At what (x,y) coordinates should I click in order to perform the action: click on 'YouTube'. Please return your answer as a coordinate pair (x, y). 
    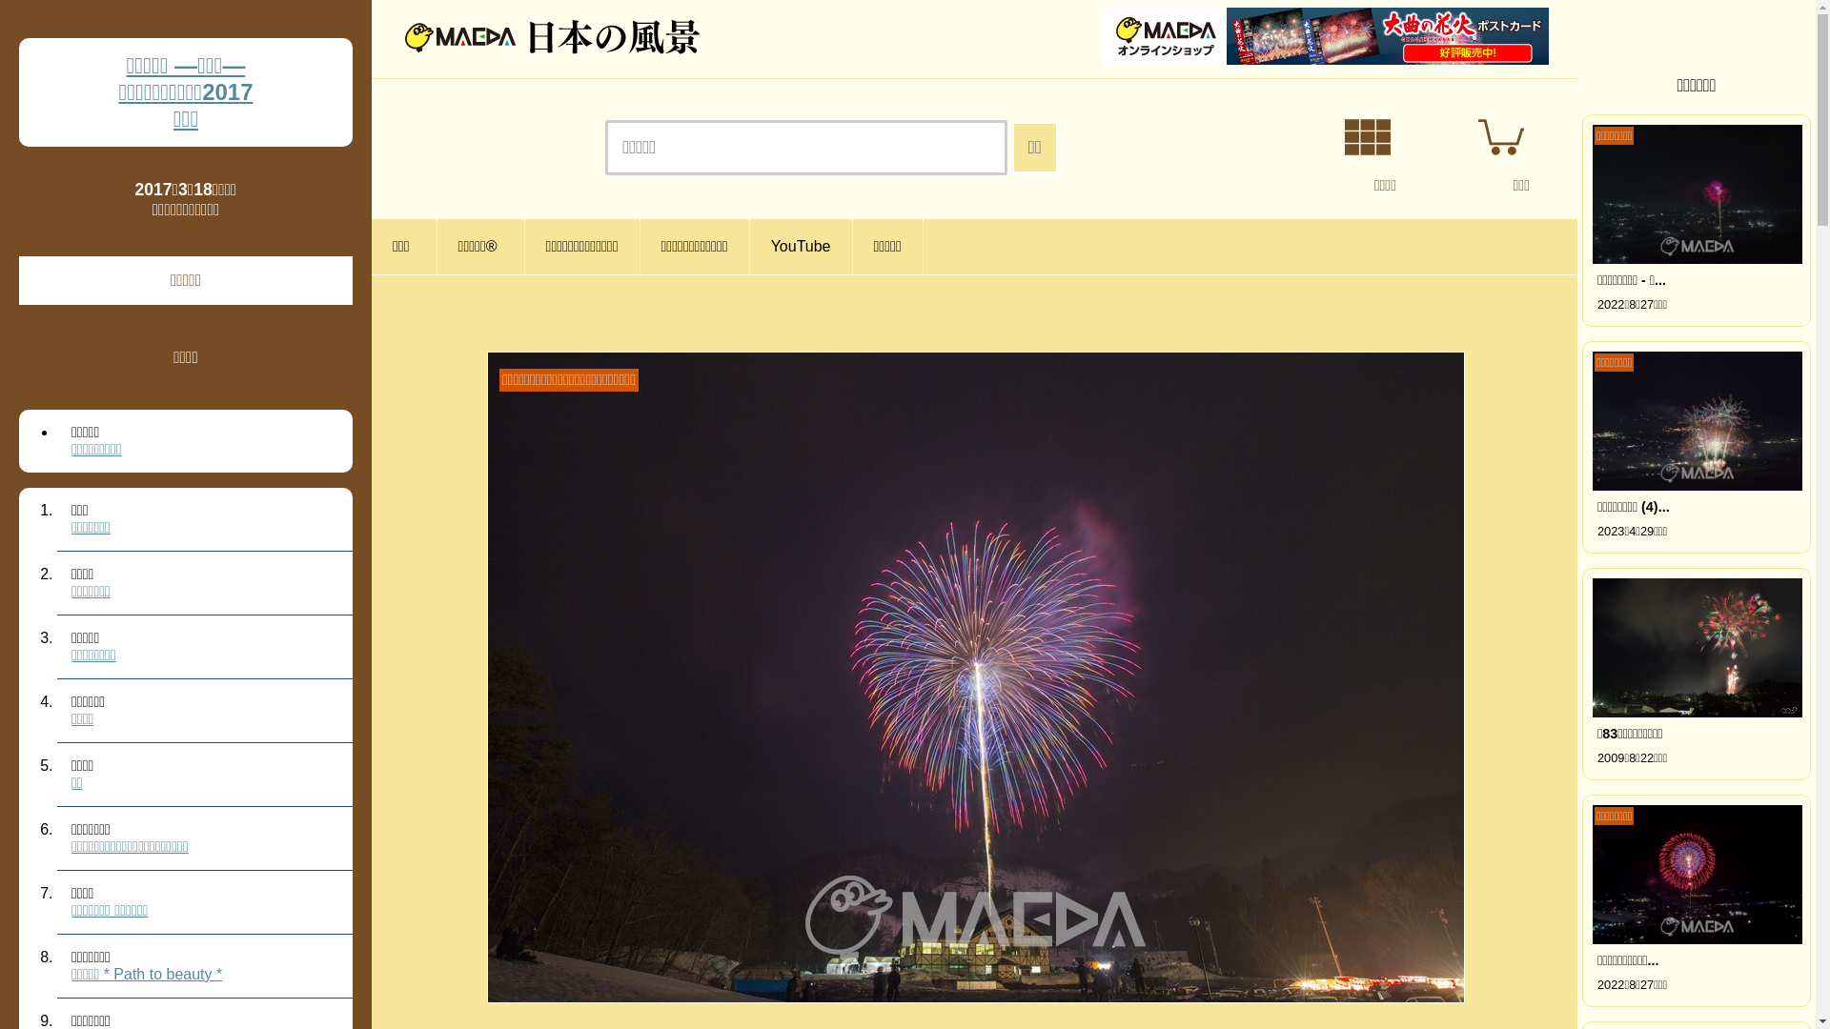
    Looking at the image, I should click on (801, 245).